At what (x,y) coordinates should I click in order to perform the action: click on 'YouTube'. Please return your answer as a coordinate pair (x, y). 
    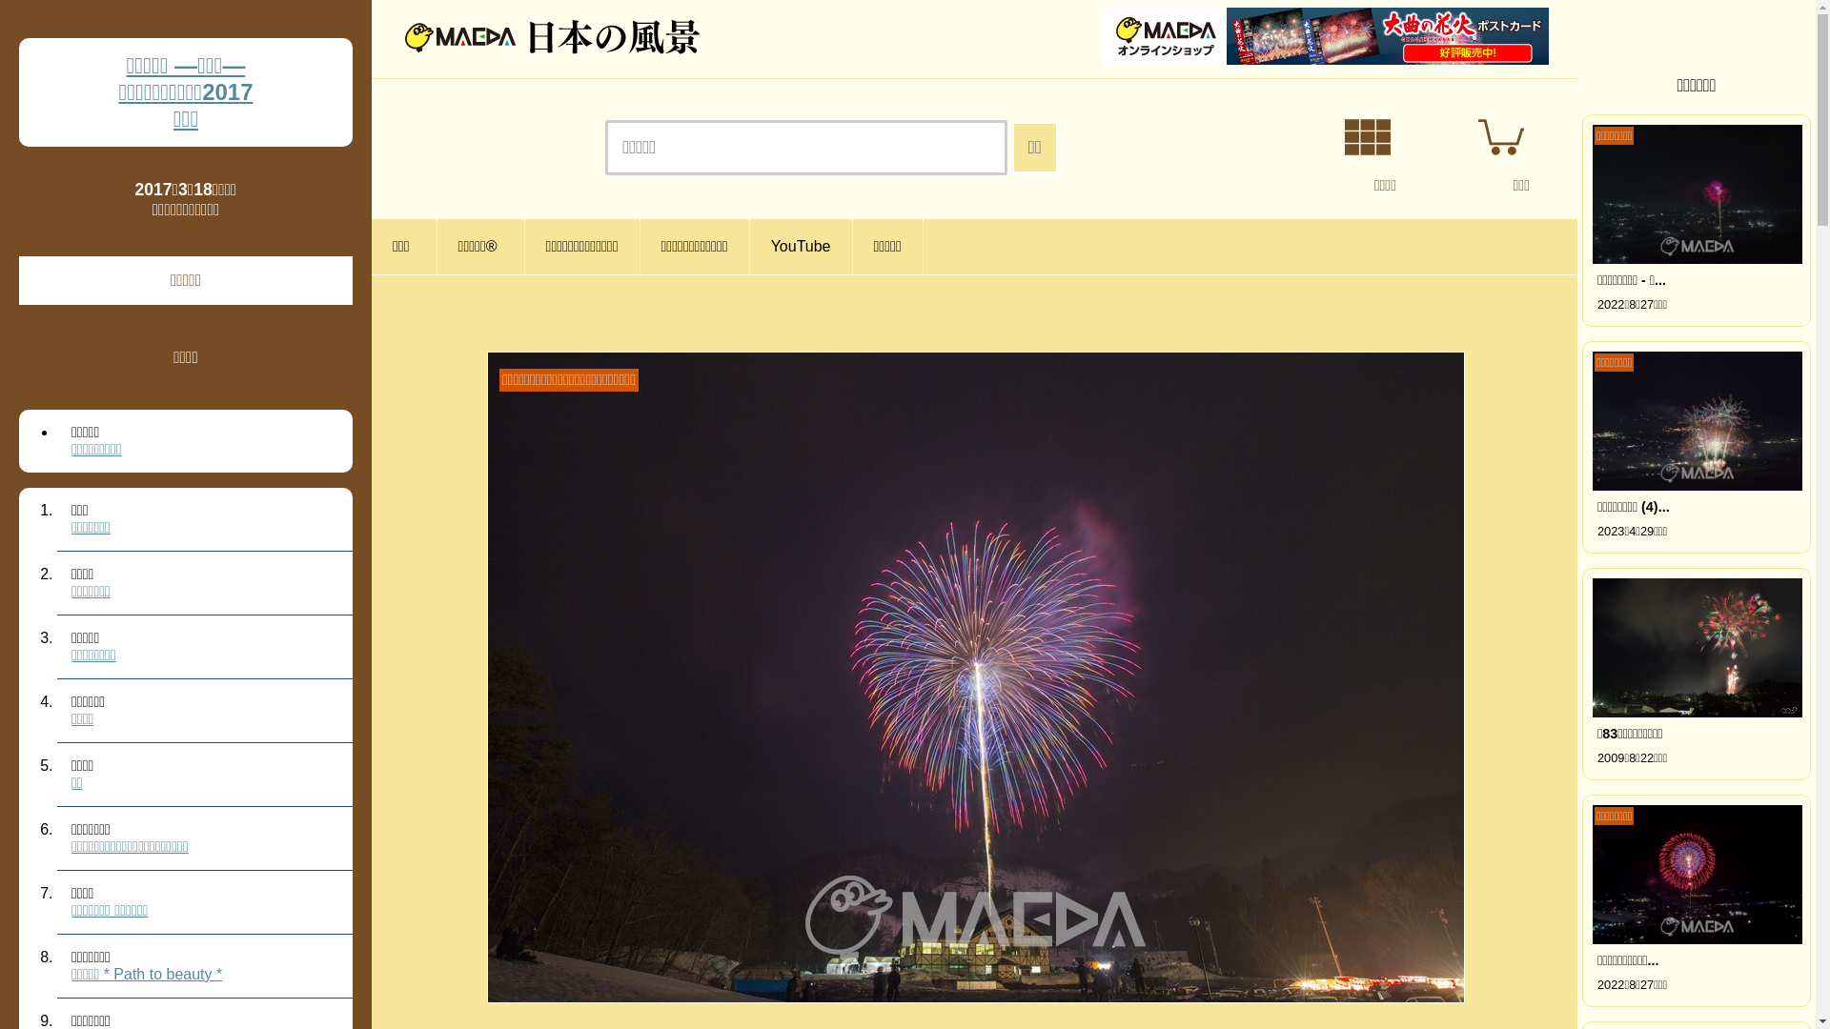
    Looking at the image, I should click on (801, 245).